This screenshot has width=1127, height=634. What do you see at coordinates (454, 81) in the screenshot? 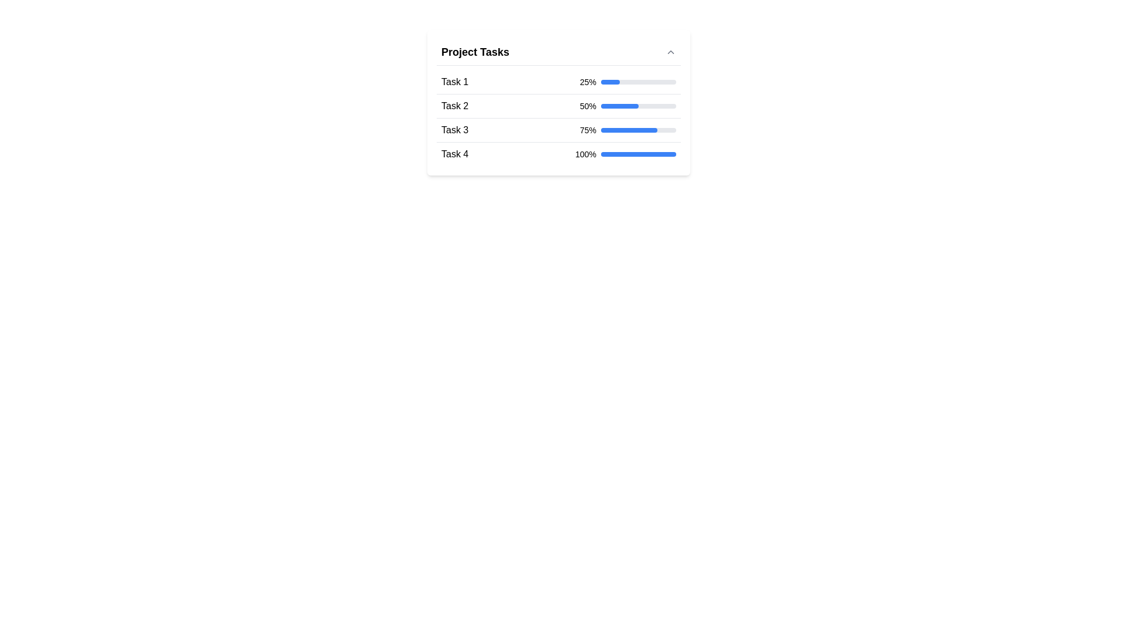
I see `the 'Task 1' text label` at bounding box center [454, 81].